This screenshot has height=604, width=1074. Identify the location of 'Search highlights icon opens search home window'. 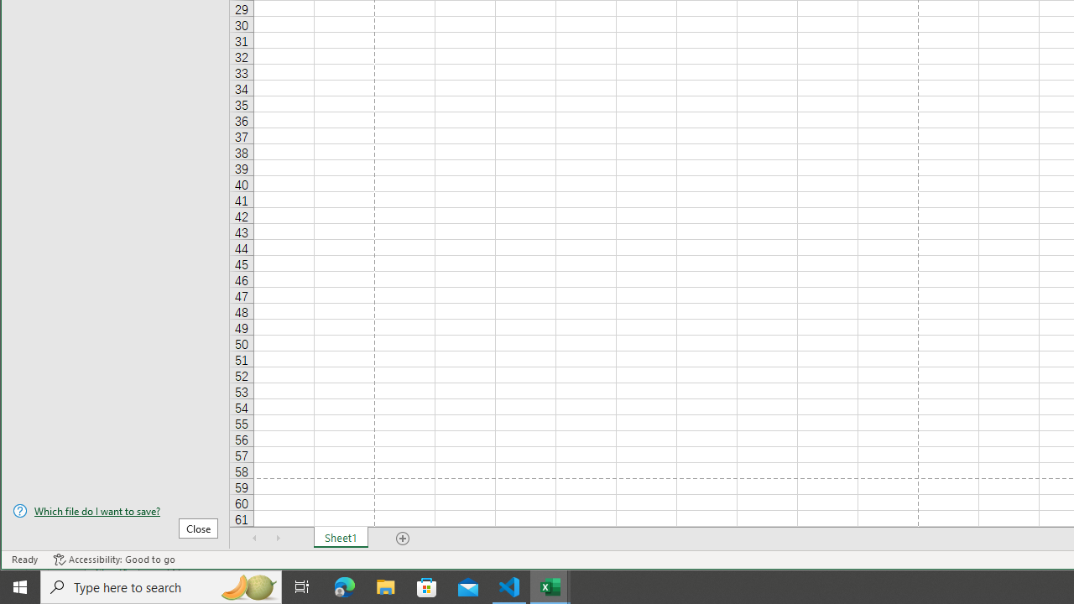
(247, 586).